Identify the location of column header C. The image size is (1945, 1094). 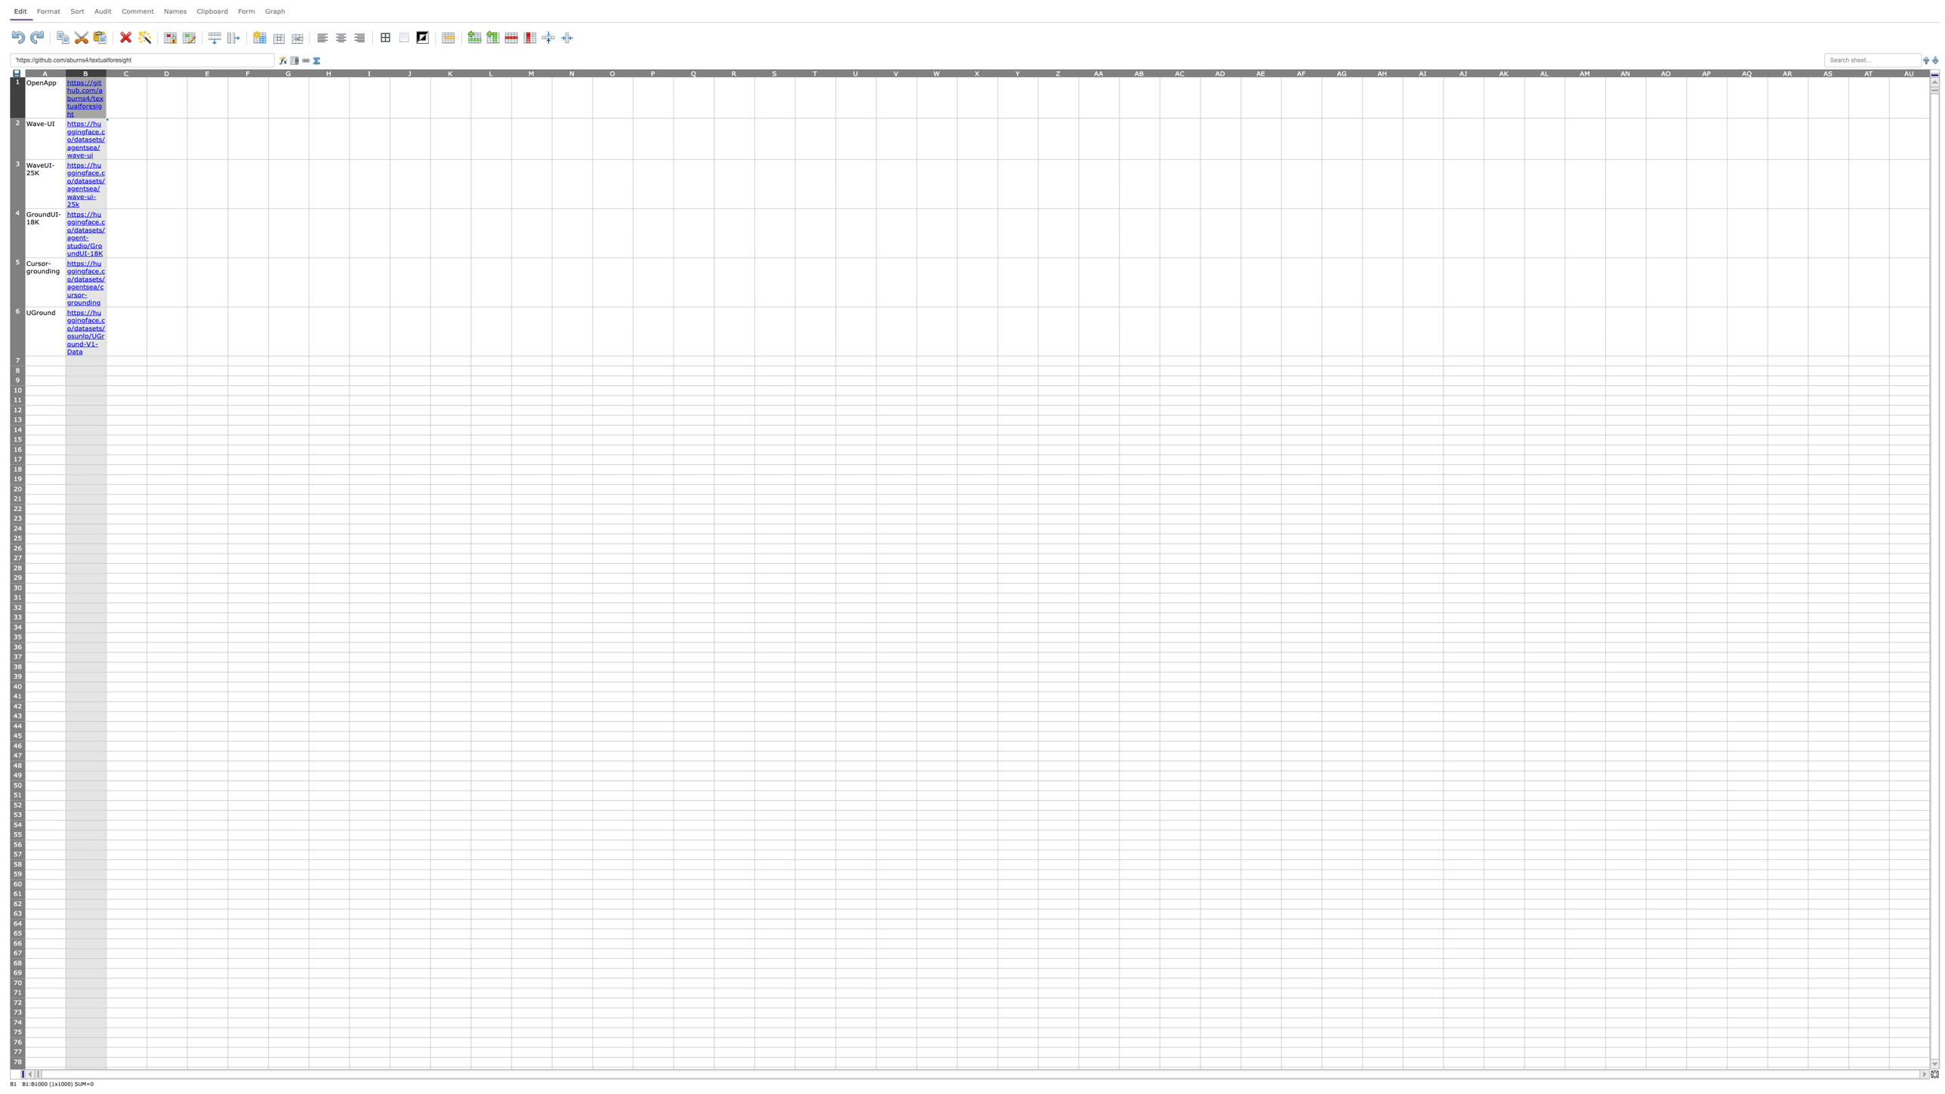
(125, 72).